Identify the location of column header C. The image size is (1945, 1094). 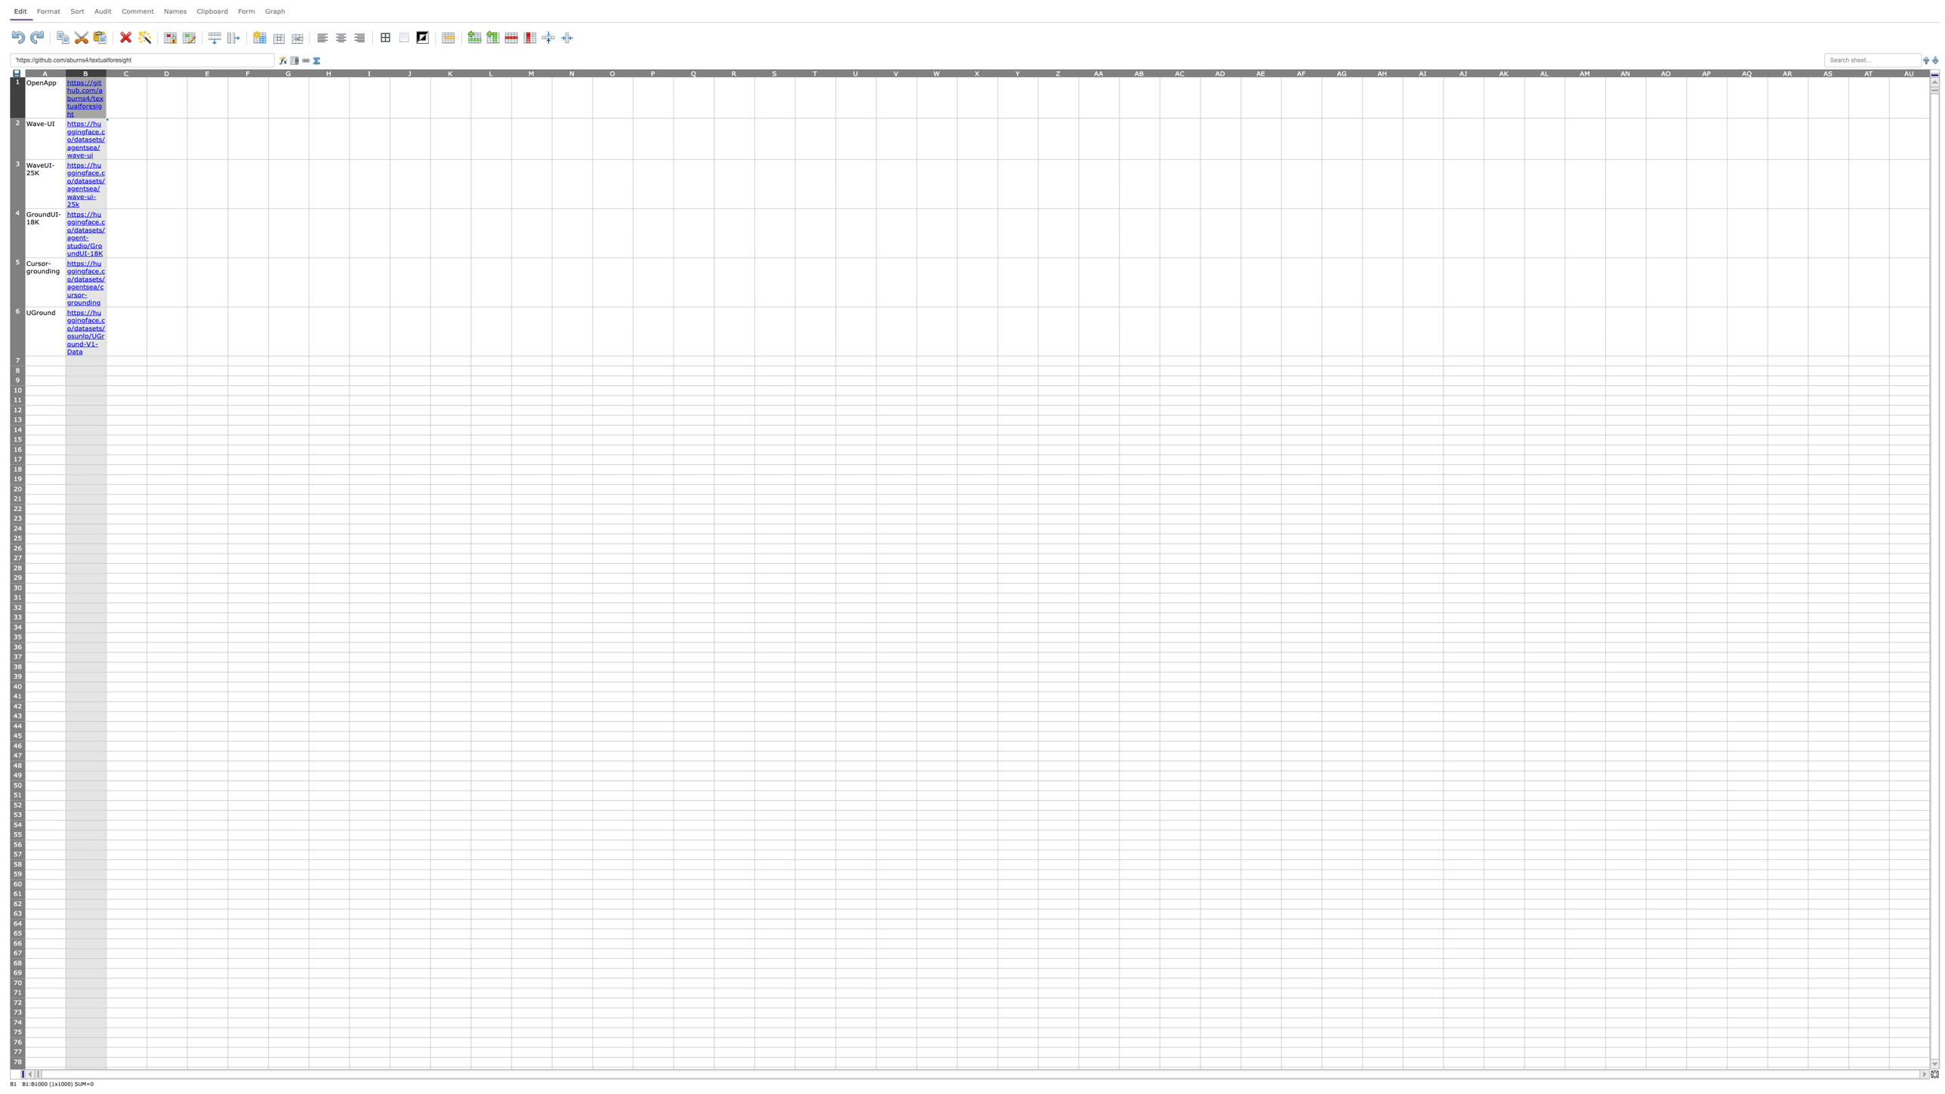
(125, 72).